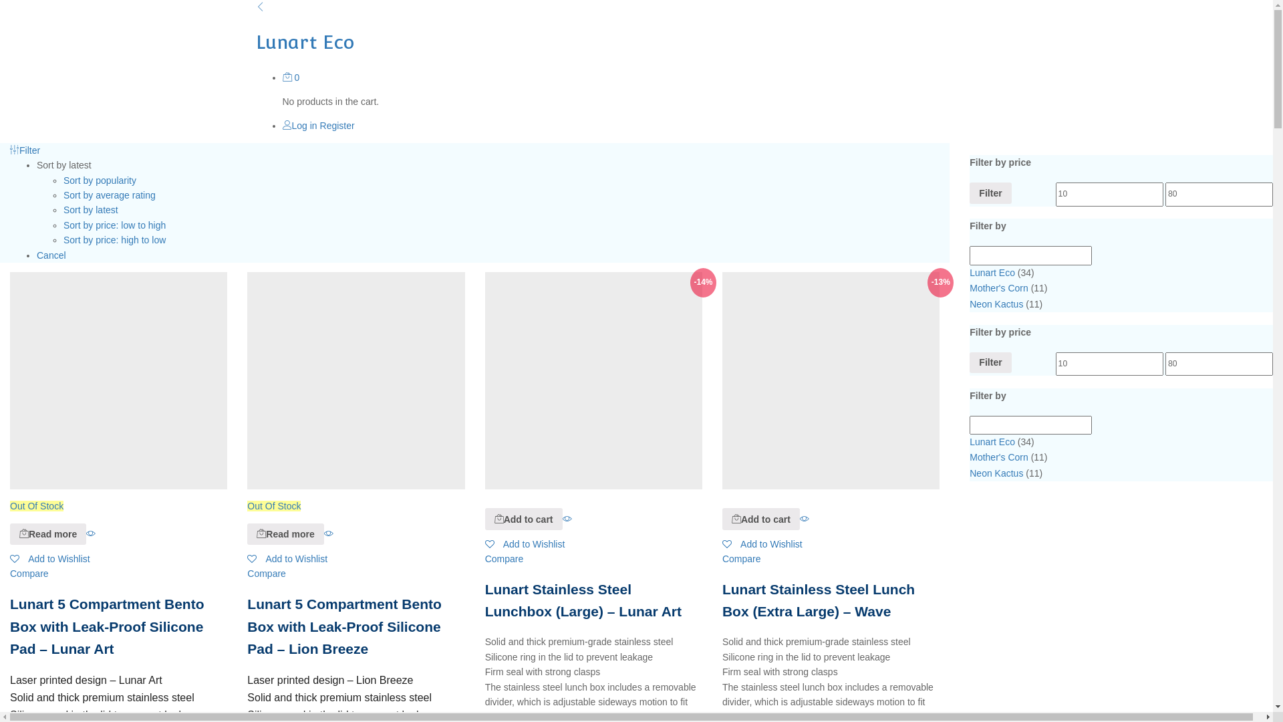 The image size is (1283, 722). What do you see at coordinates (25, 150) in the screenshot?
I see `'Filter'` at bounding box center [25, 150].